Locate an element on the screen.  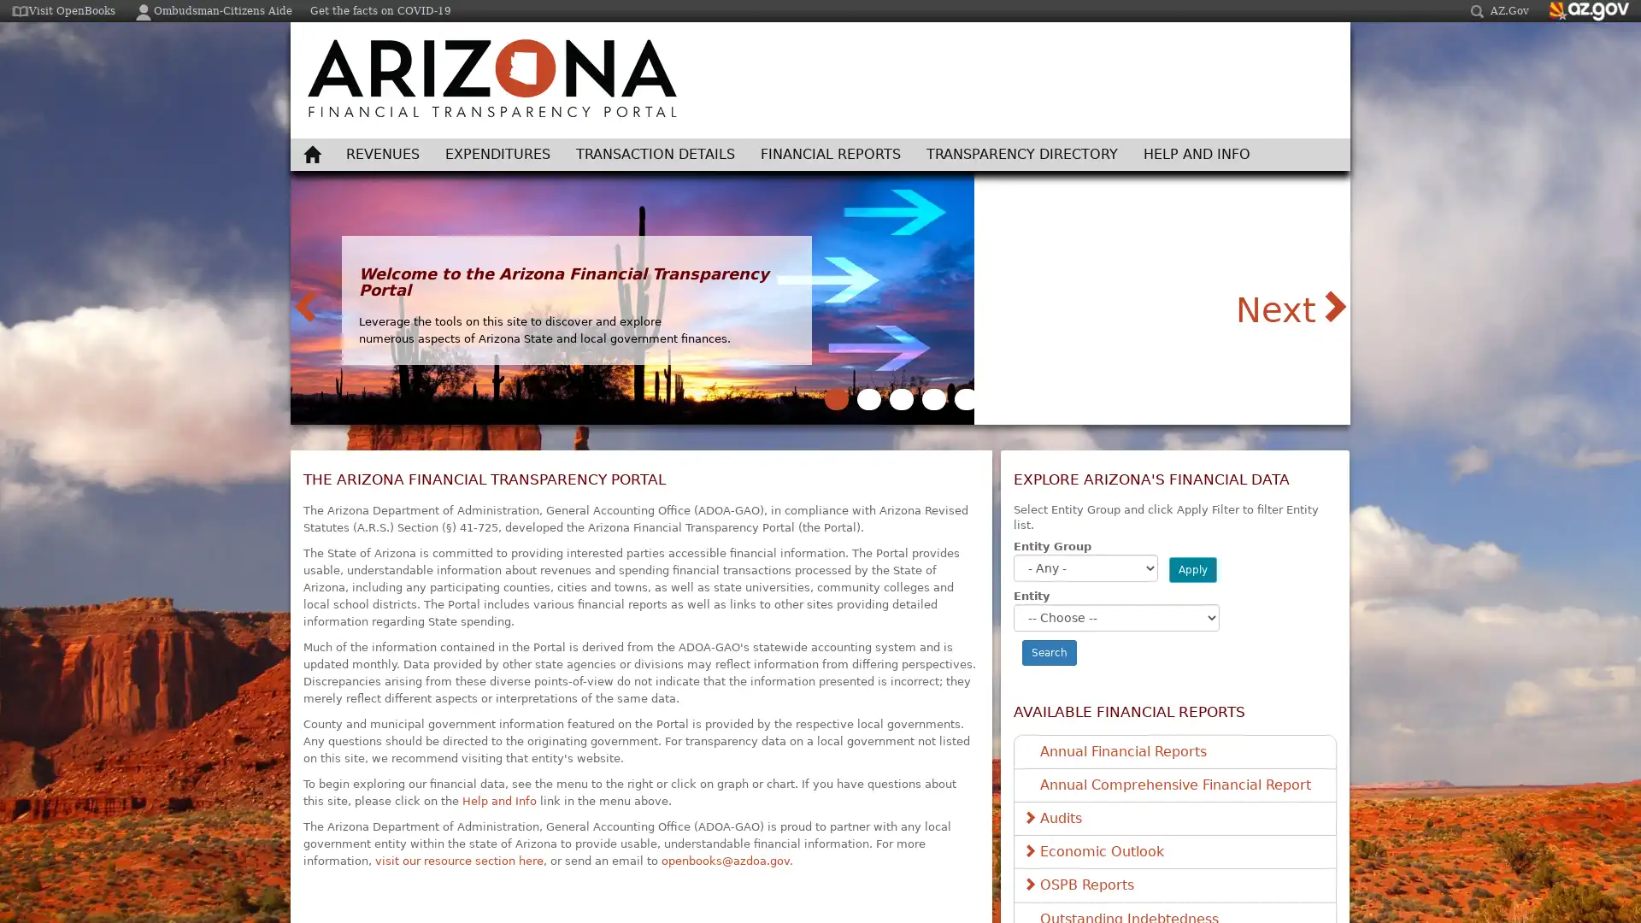
Search is located at coordinates (1048, 652).